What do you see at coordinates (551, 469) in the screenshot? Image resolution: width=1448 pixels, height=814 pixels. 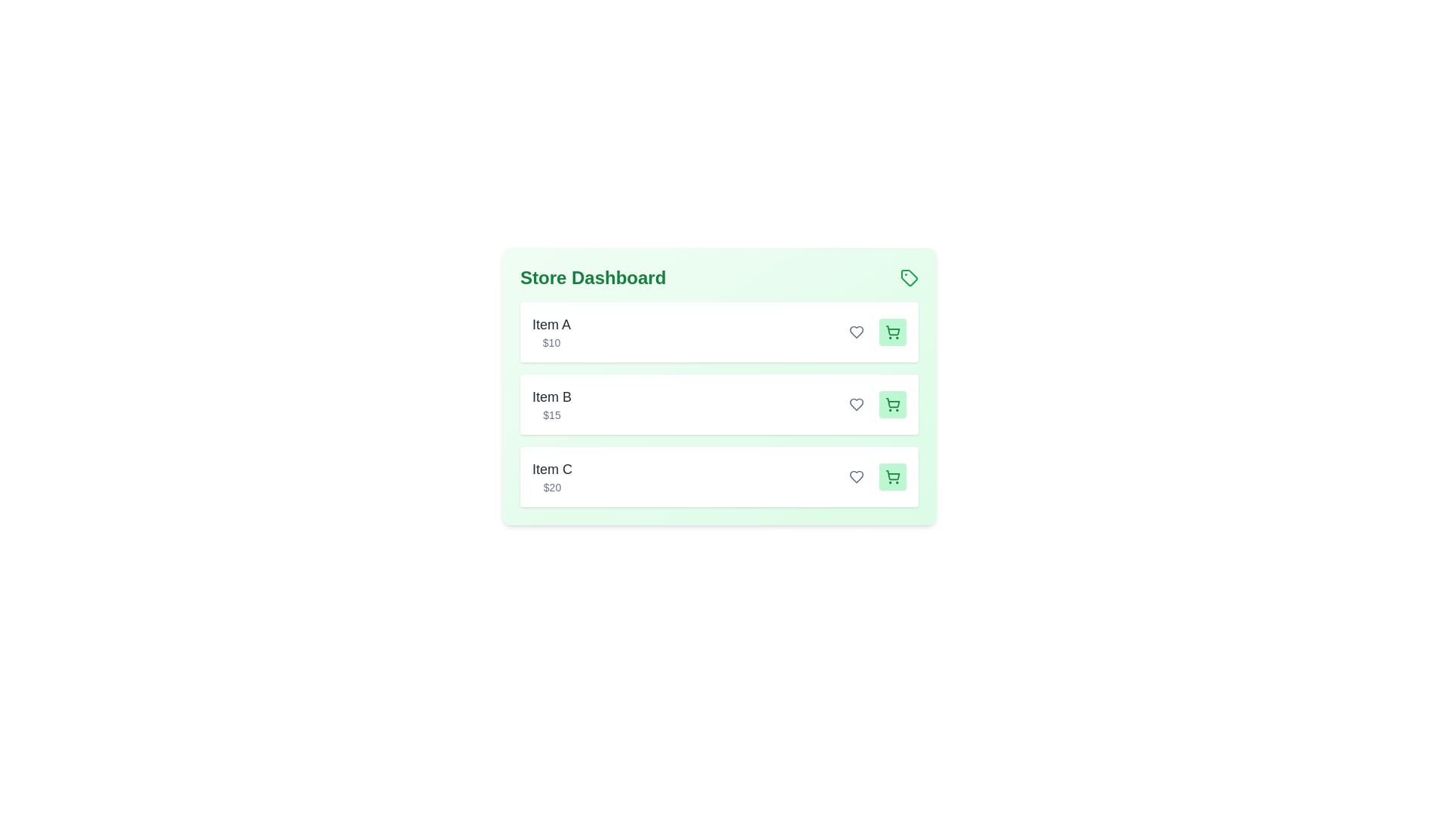 I see `the static text element that serves as the title for 'Item C' in the listing, which is positioned below 'Item B' and indicates the item's name and price` at bounding box center [551, 469].